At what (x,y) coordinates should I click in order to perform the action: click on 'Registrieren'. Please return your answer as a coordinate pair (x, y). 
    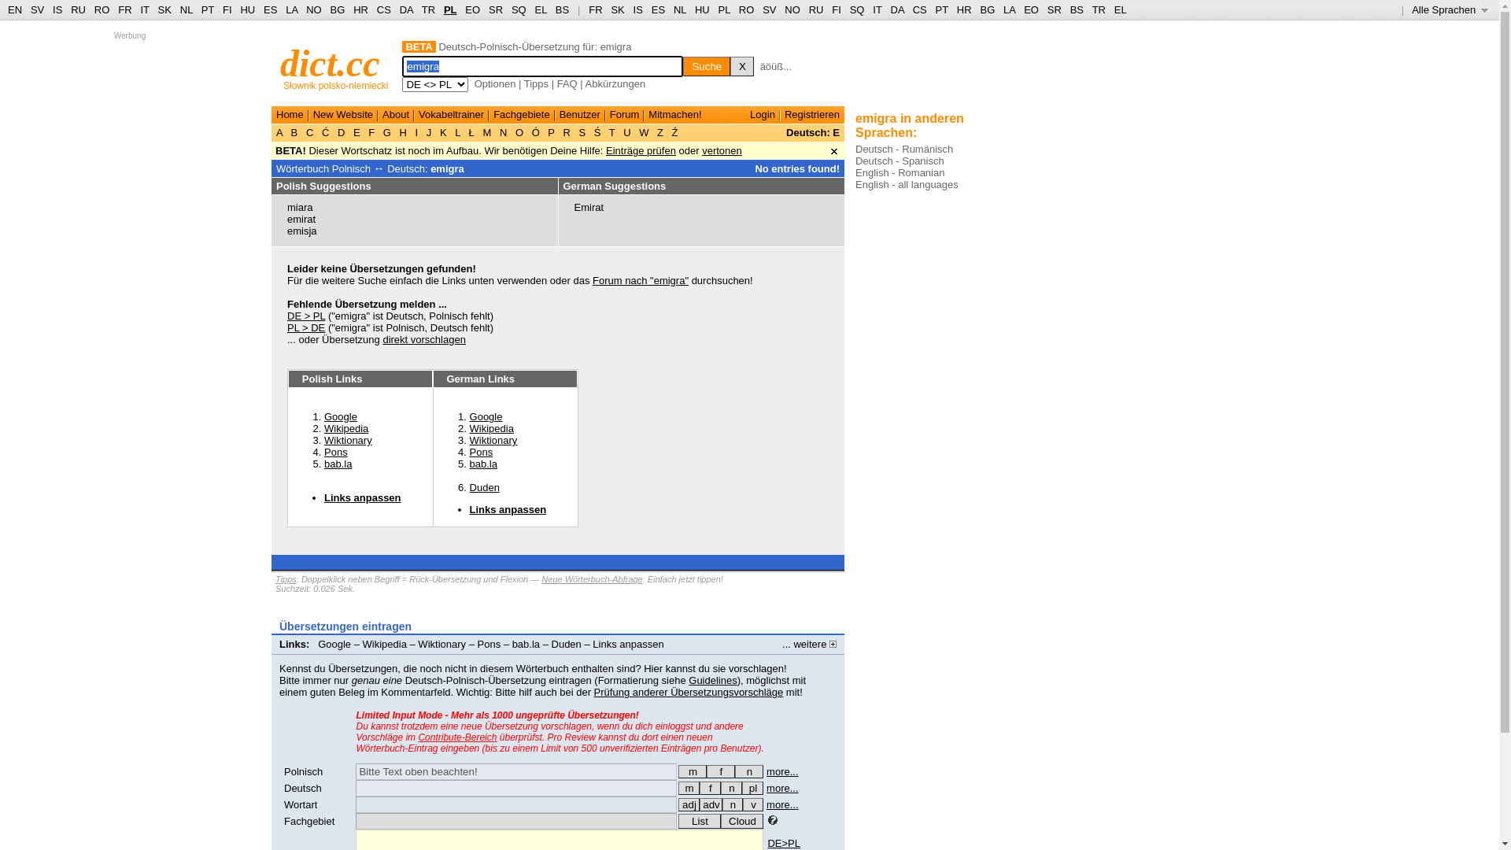
    Looking at the image, I should click on (812, 113).